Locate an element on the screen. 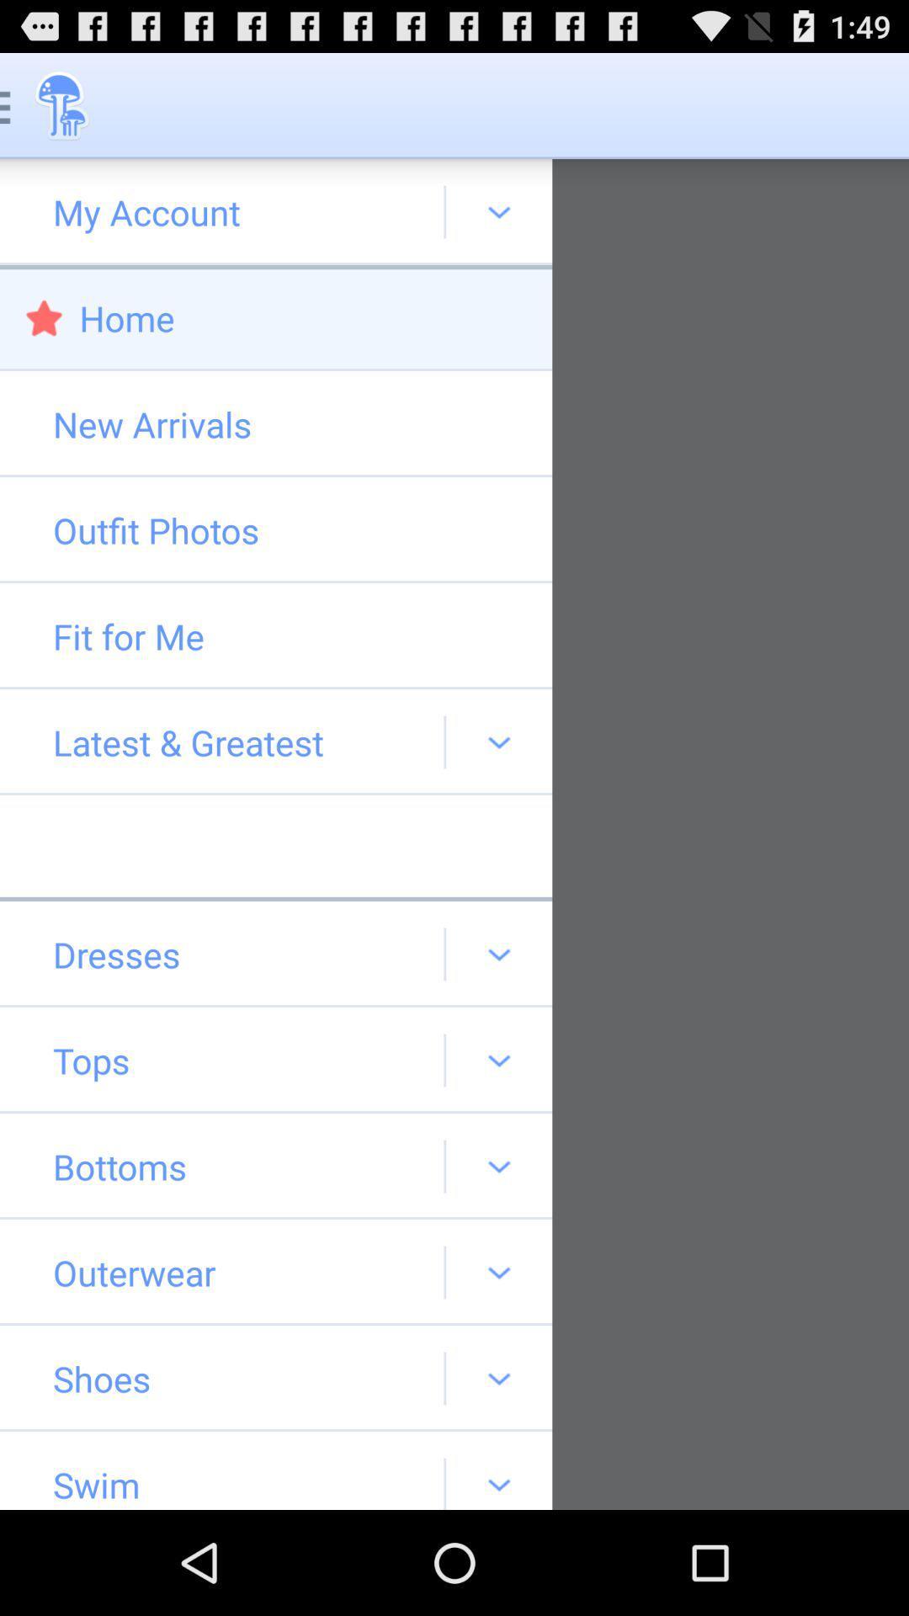  drop down at dresses is located at coordinates (498, 954).